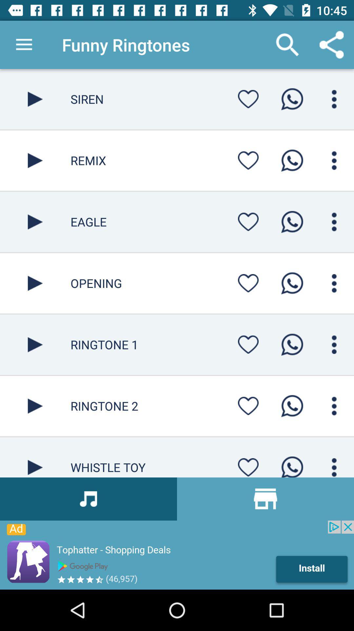  What do you see at coordinates (248, 222) in the screenshot?
I see `the song` at bounding box center [248, 222].